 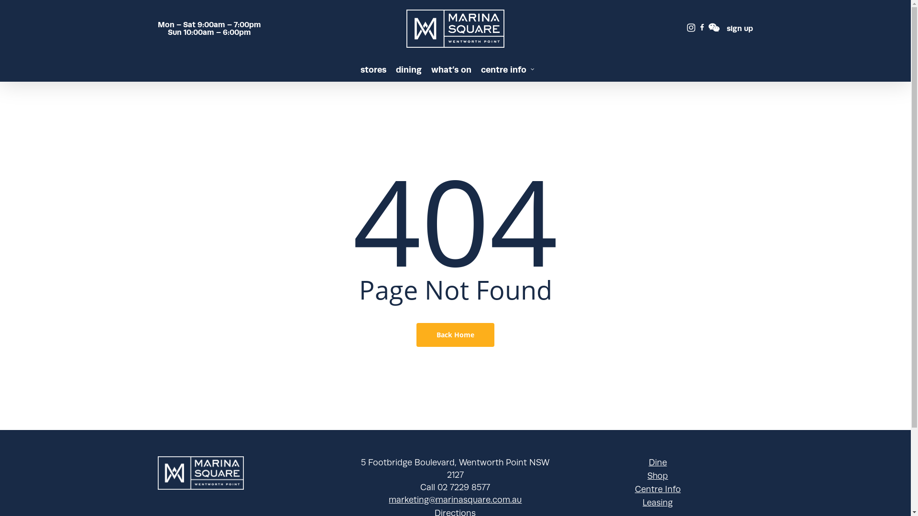 I want to click on 'Dine', so click(x=649, y=462).